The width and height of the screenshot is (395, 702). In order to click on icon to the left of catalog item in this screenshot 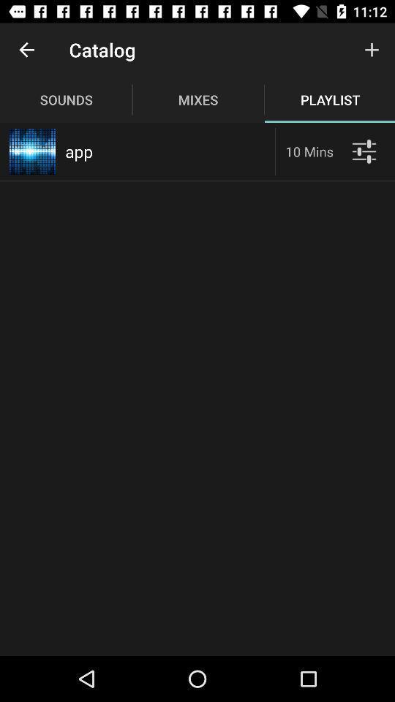, I will do `click(26, 50)`.